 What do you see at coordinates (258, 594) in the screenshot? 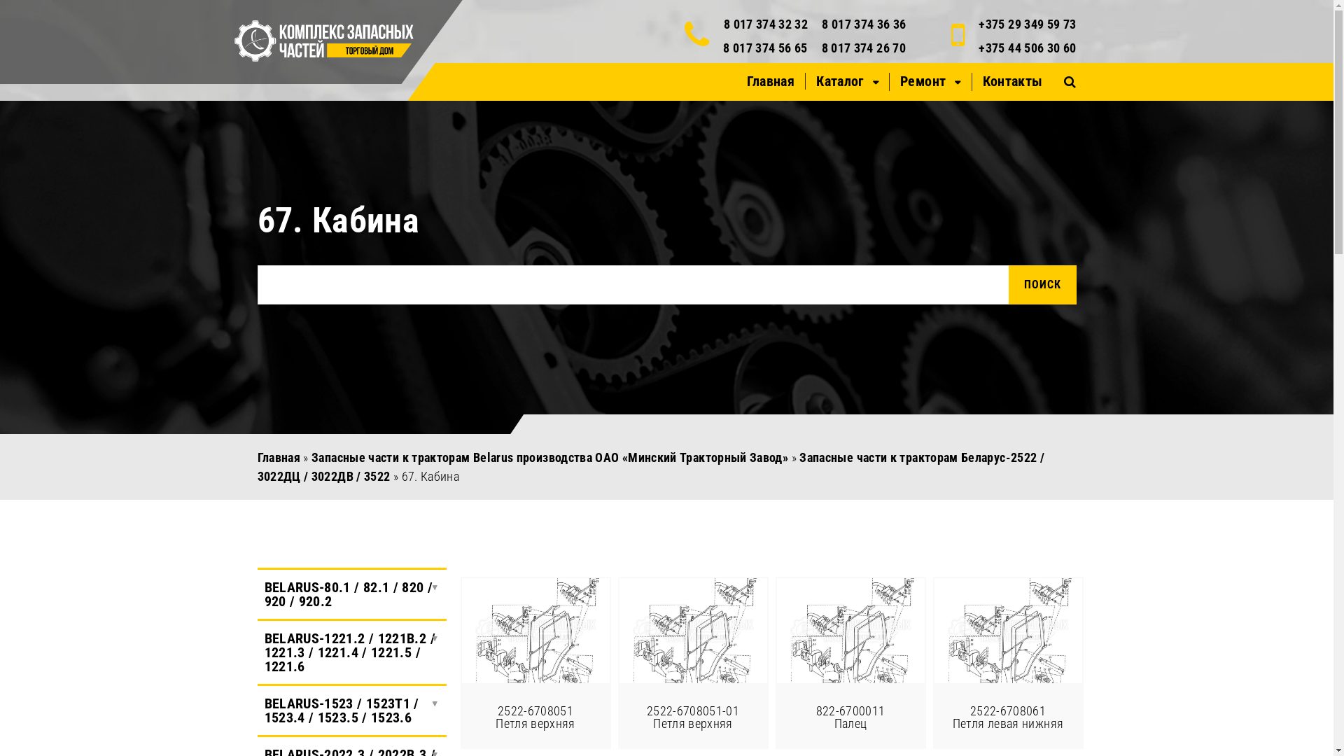
I see `'BELARUS-80.1 / 82.1 / 820 / 920 / 920.2'` at bounding box center [258, 594].